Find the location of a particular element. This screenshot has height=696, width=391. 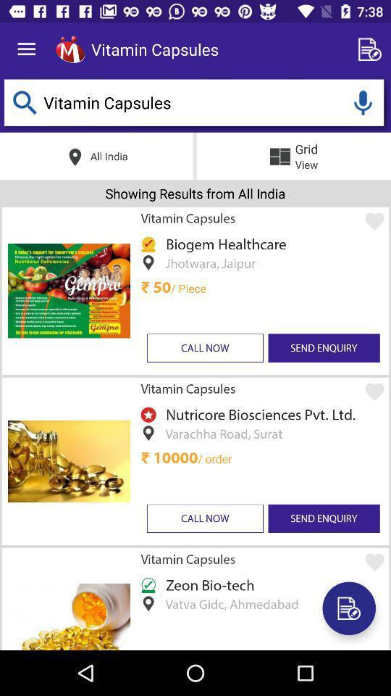

the item to the left of the vitamin capsules item is located at coordinates (70, 49).